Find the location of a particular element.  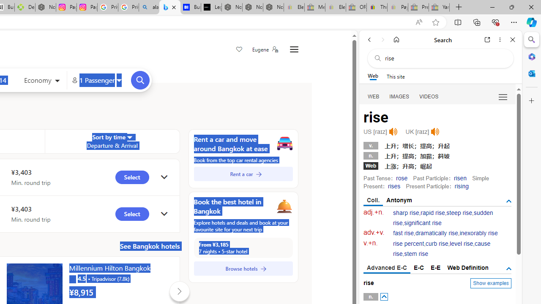

'Payments Terms of Use | eBay.com - Sleeping' is located at coordinates (397, 7).